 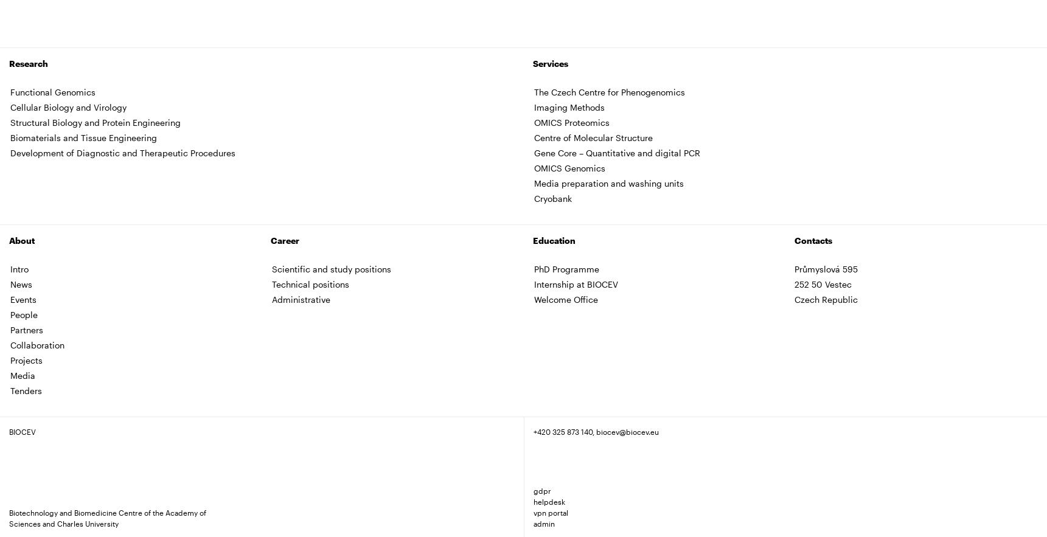 I want to click on 'Functional Genomics', so click(x=53, y=91).